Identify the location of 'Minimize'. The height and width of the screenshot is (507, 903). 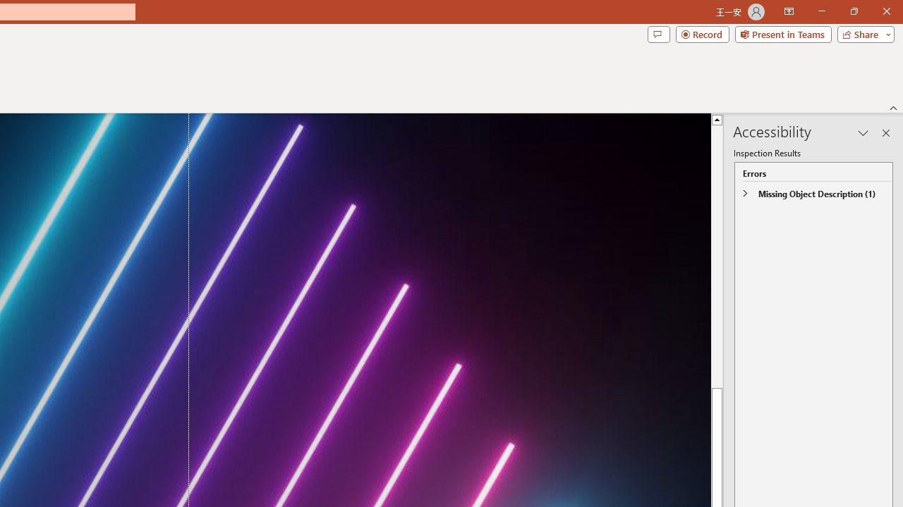
(821, 11).